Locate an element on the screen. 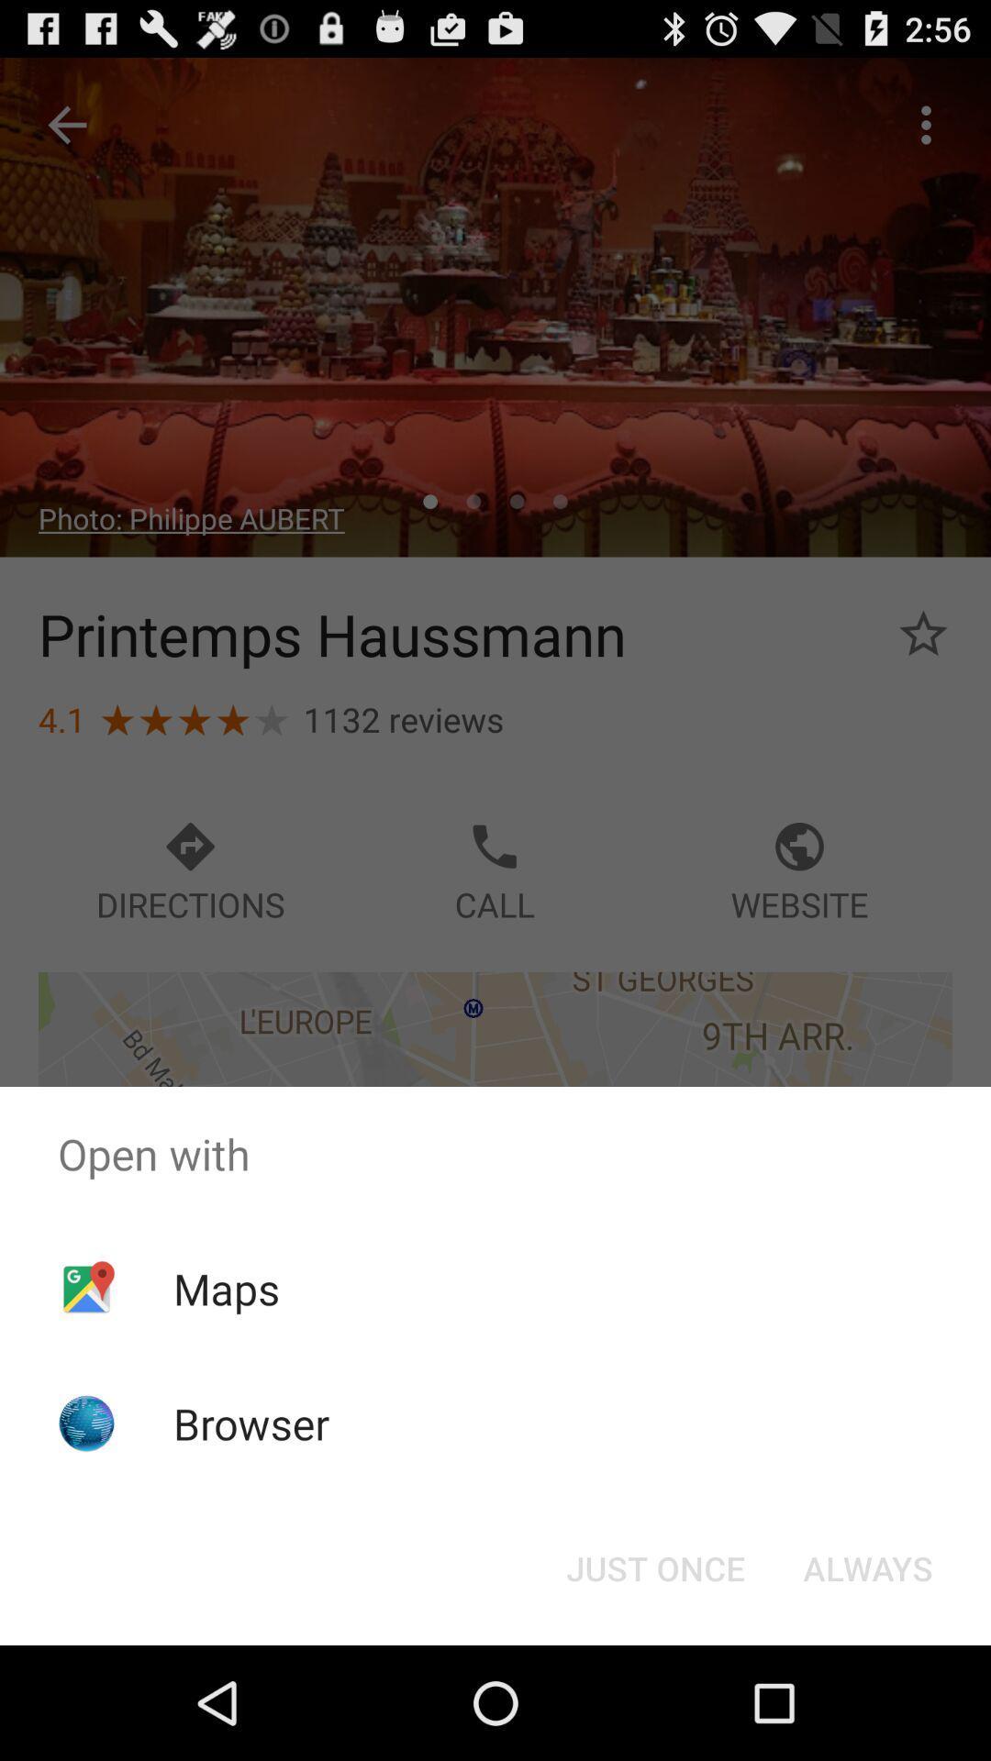  the maps is located at coordinates (226, 1288).